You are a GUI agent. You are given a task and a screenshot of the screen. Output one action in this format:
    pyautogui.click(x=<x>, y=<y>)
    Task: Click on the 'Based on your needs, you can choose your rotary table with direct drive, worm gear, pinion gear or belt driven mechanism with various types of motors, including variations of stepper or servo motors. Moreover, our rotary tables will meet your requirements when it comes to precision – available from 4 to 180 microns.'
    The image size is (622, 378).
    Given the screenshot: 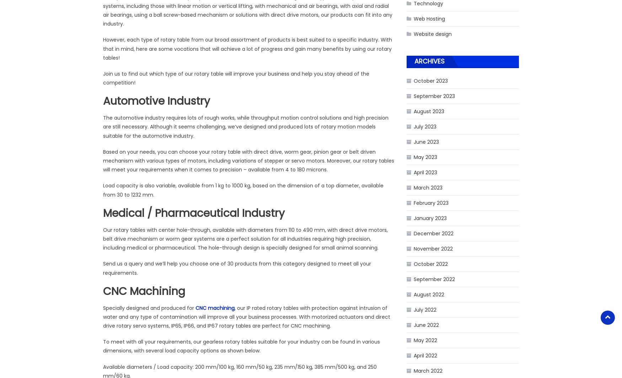 What is the action you would take?
    pyautogui.click(x=102, y=160)
    